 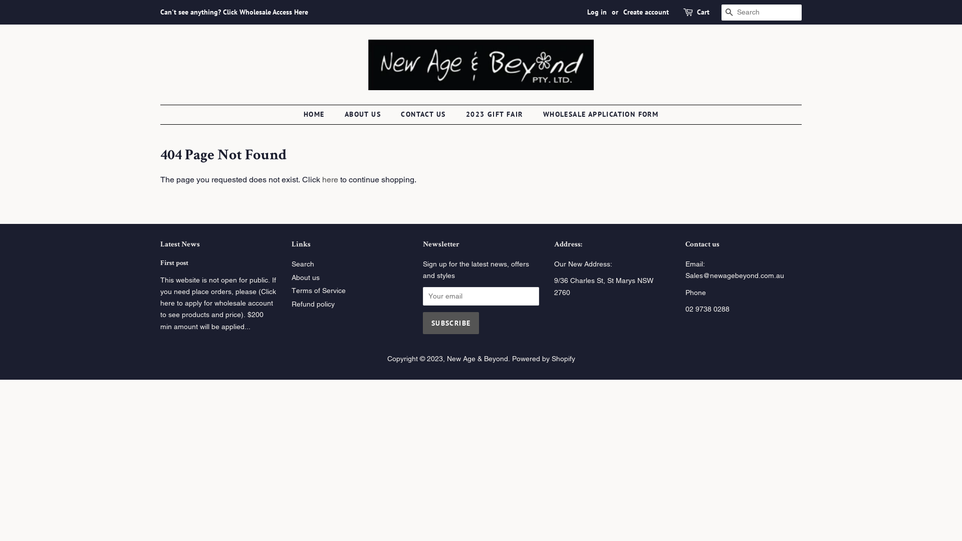 What do you see at coordinates (597, 12) in the screenshot?
I see `'Log in'` at bounding box center [597, 12].